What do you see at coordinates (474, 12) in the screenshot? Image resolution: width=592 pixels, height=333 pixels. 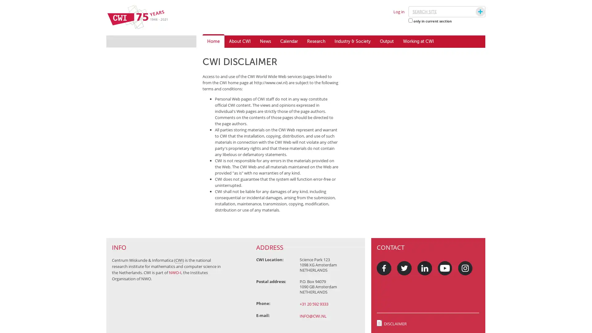 I see `Search` at bounding box center [474, 12].